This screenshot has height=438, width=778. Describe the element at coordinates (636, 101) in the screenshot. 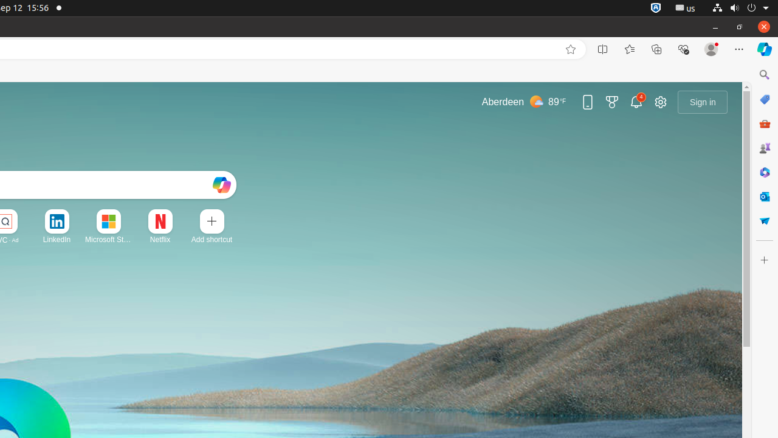

I see `'Notifications'` at that location.